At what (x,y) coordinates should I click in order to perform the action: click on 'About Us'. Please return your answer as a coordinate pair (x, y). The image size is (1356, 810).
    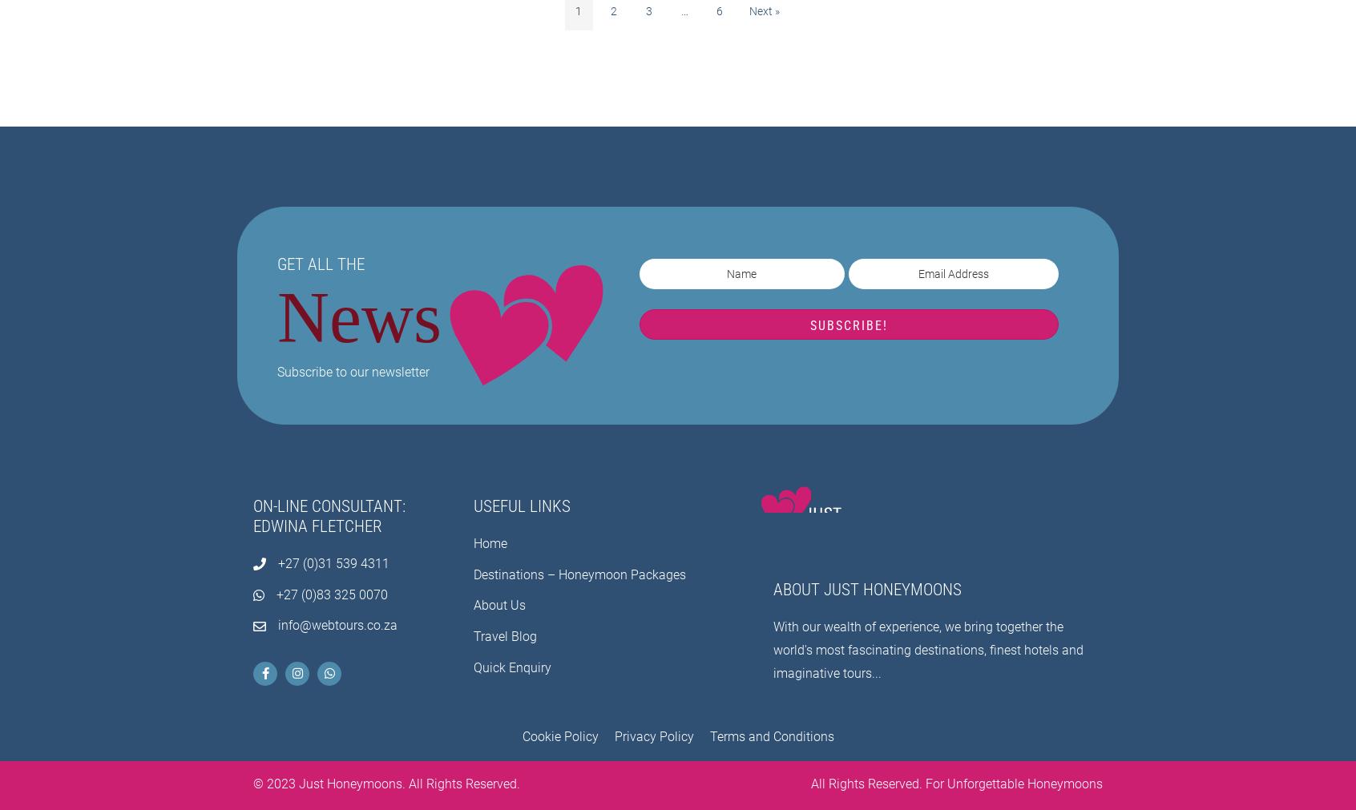
    Looking at the image, I should click on (498, 604).